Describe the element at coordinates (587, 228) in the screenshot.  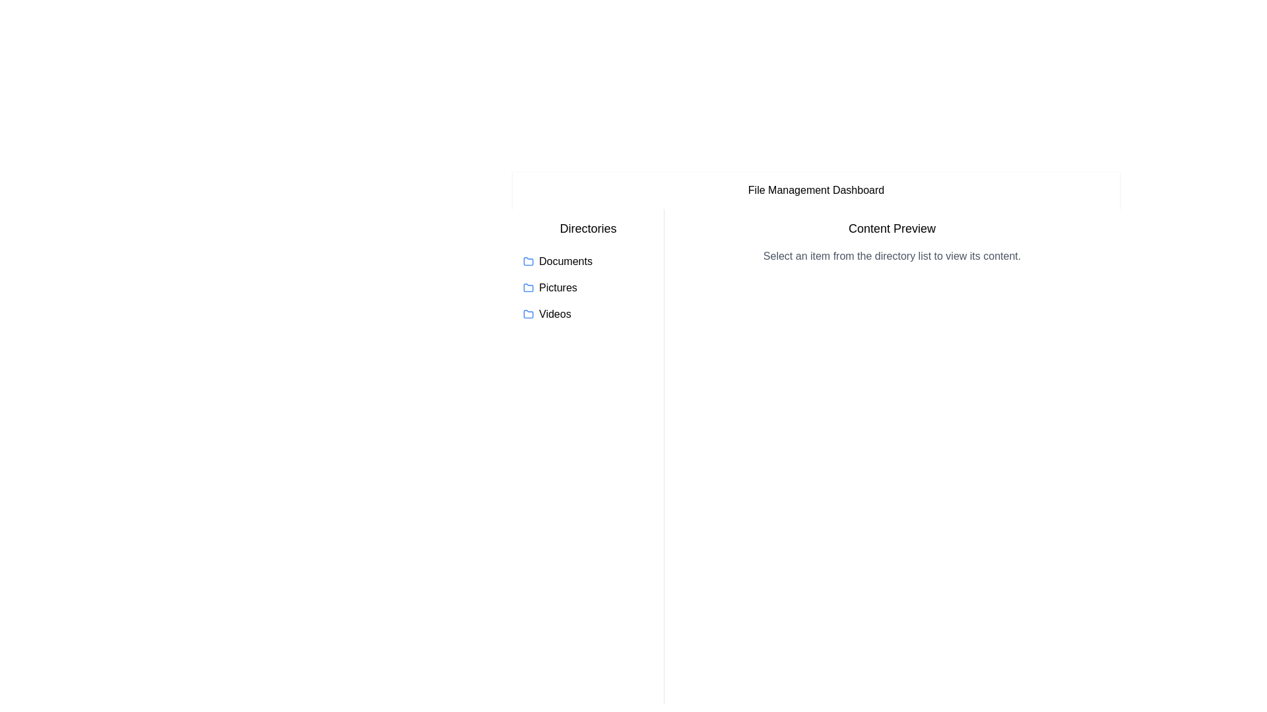
I see `the heading text element that categorizes the list of items below it` at that location.